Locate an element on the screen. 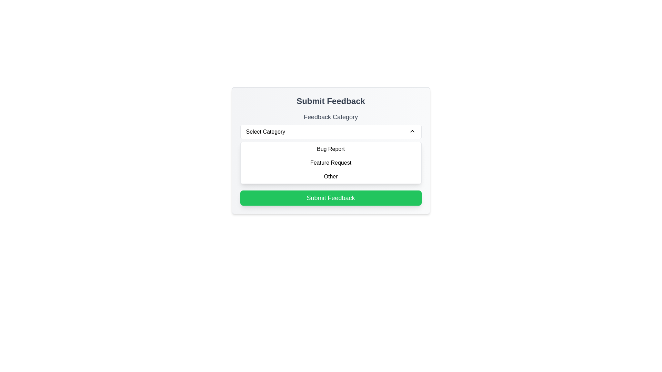 The image size is (662, 372). the 'Feature Request' option in the dropdown menu located below the 'Select Category' button, which allows users is located at coordinates (330, 163).